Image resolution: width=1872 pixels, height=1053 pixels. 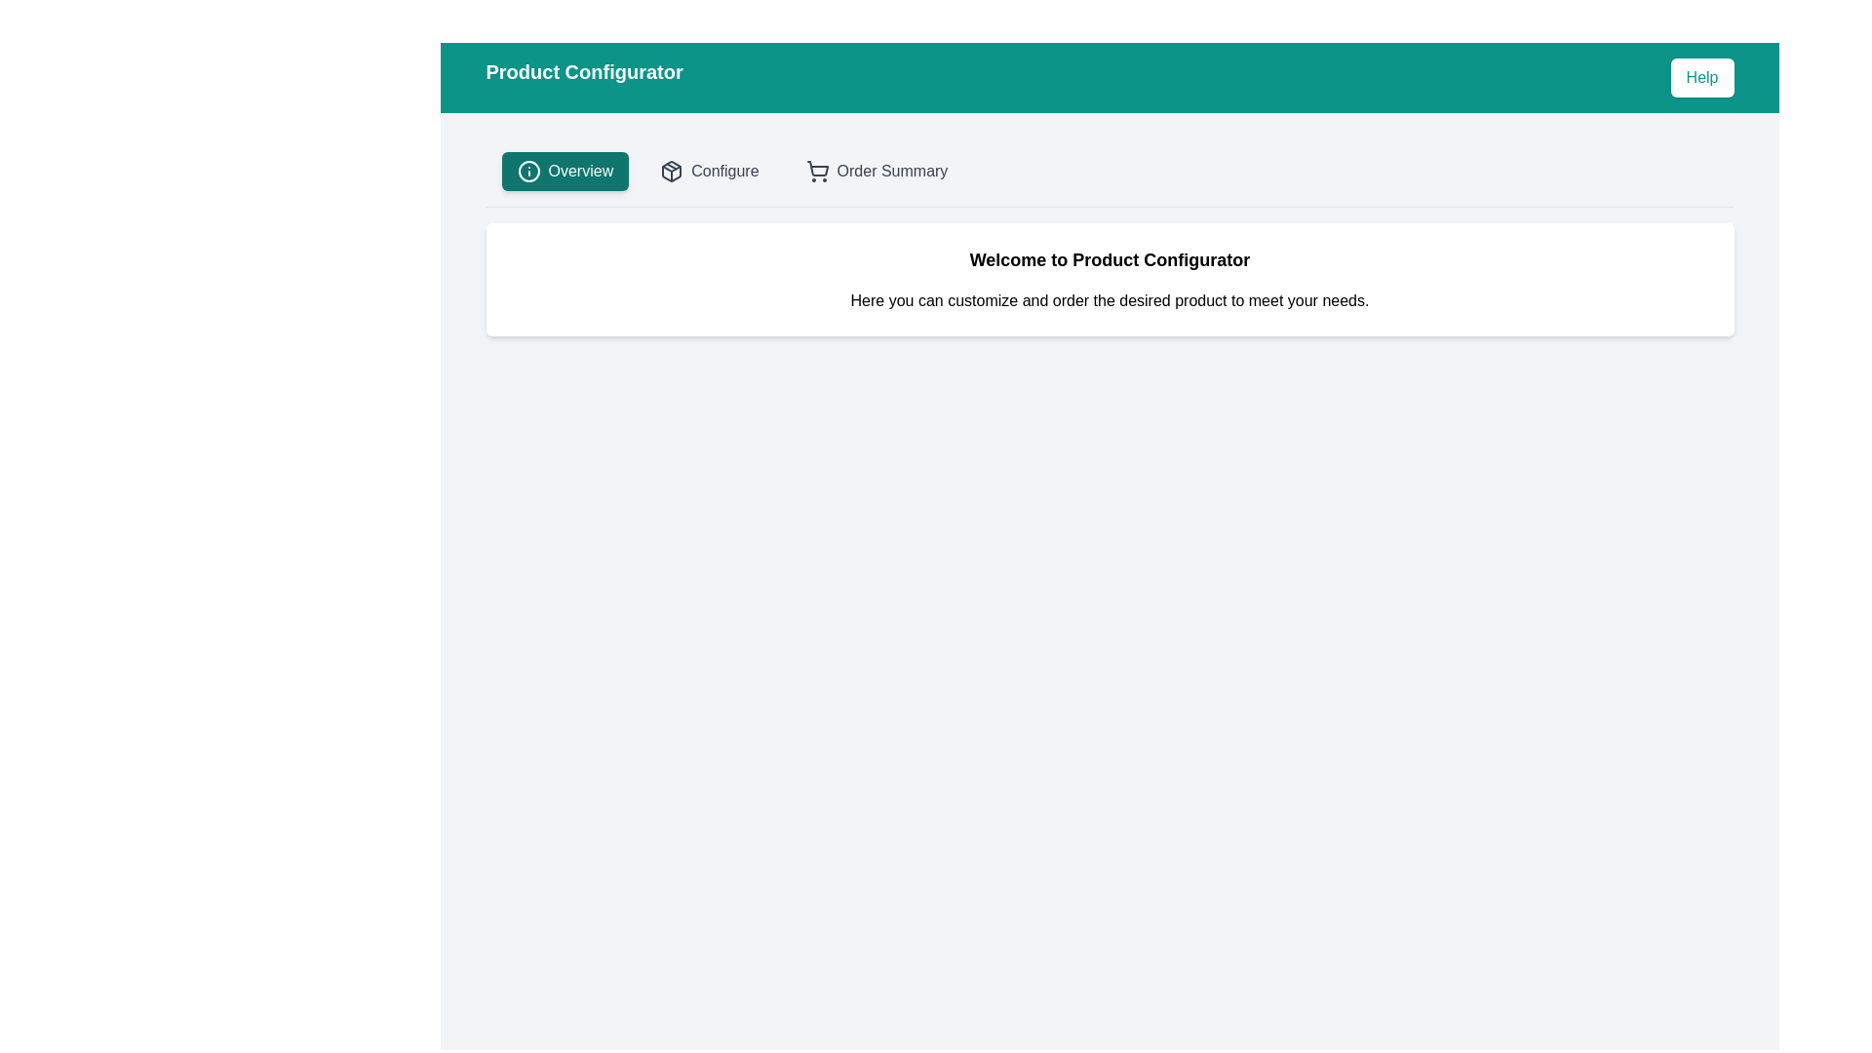 I want to click on the SVG Circle element that is part of the 'Overview' button in the header section of the interface, so click(x=528, y=171).